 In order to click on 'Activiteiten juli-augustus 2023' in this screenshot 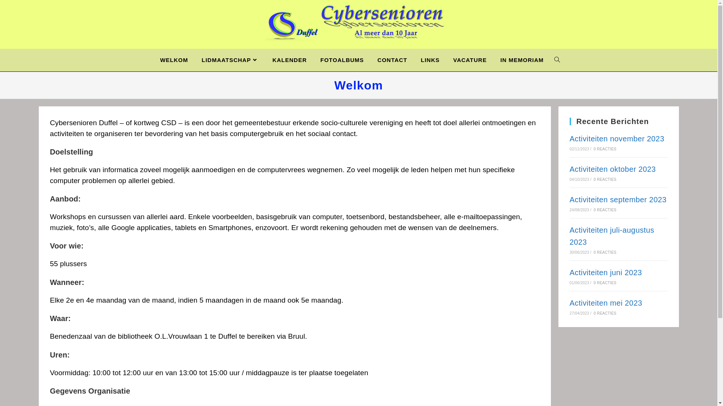, I will do `click(569, 236)`.